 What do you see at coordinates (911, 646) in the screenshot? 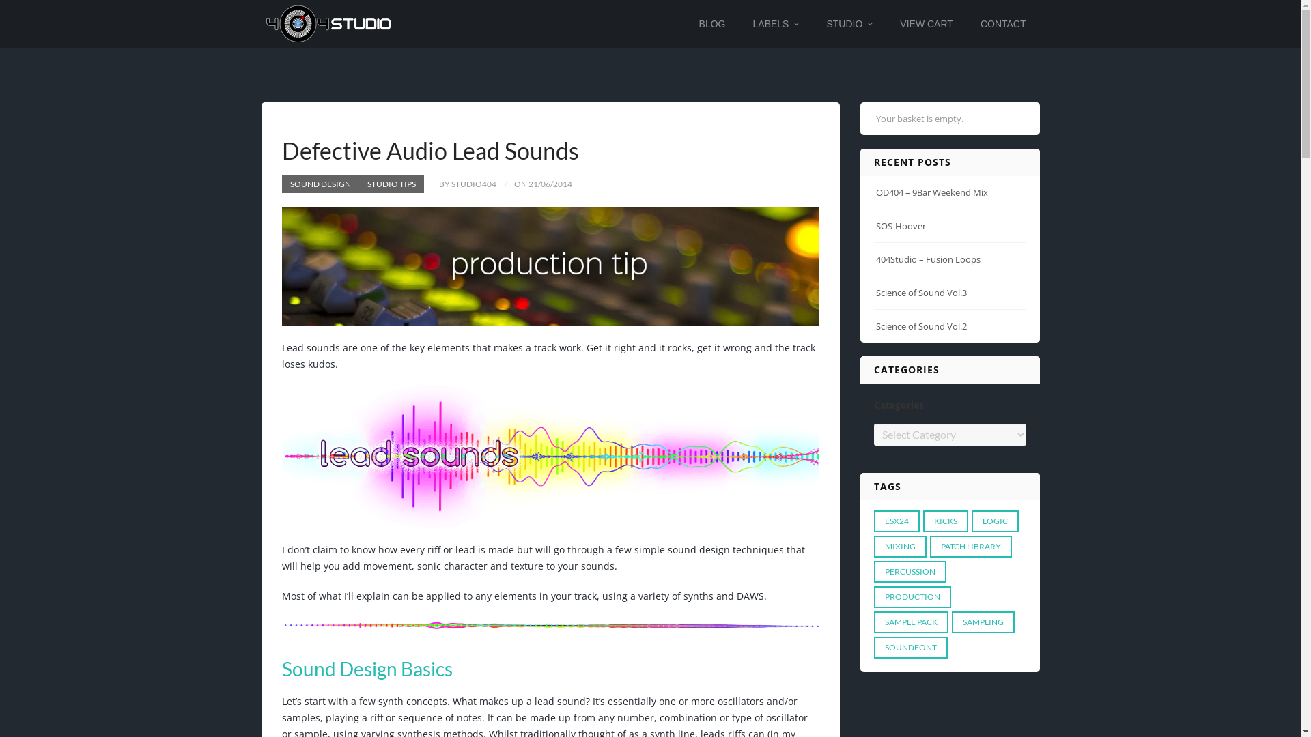
I see `'SOUNDFONT'` at bounding box center [911, 646].